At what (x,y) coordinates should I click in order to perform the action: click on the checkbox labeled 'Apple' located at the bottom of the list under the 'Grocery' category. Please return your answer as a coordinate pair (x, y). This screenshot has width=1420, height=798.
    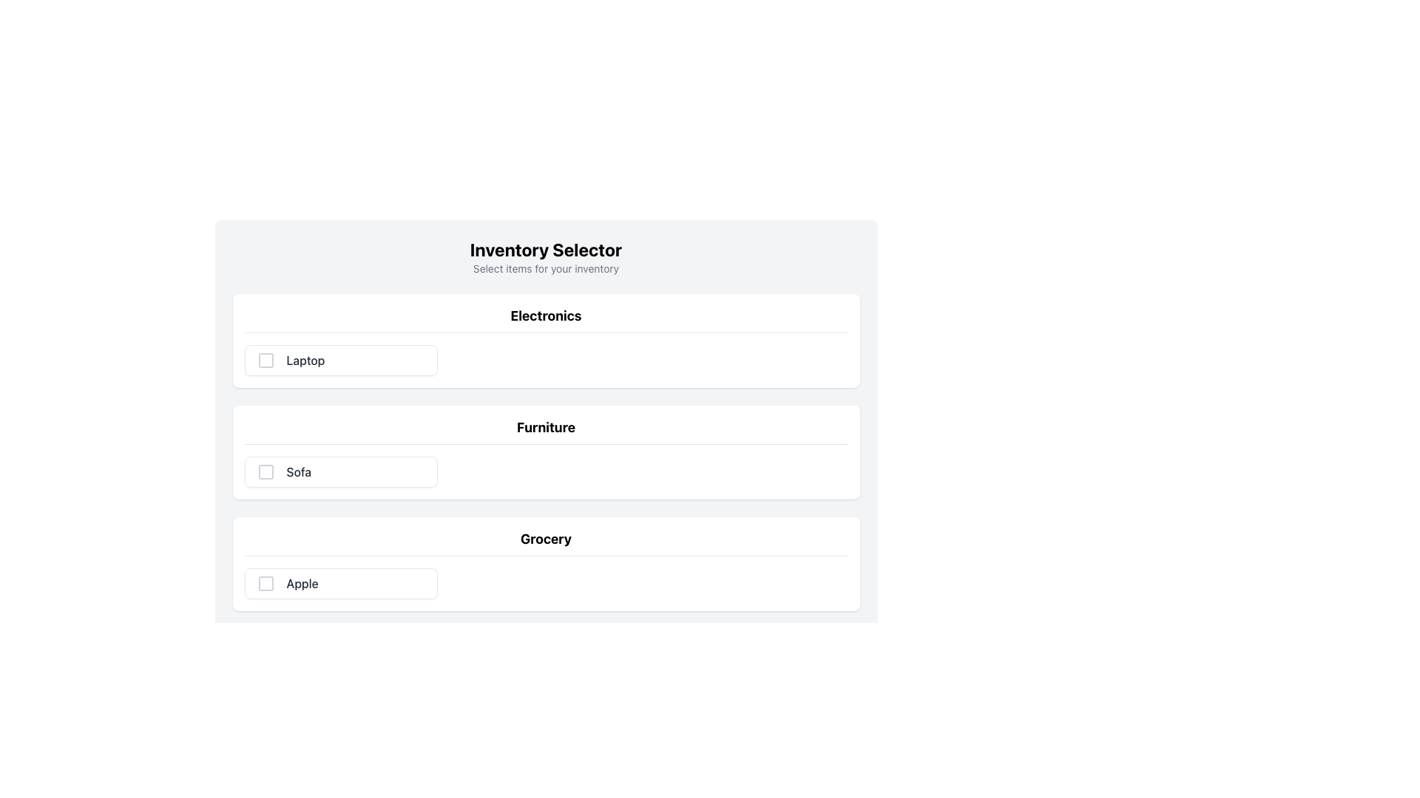
    Looking at the image, I should click on (340, 583).